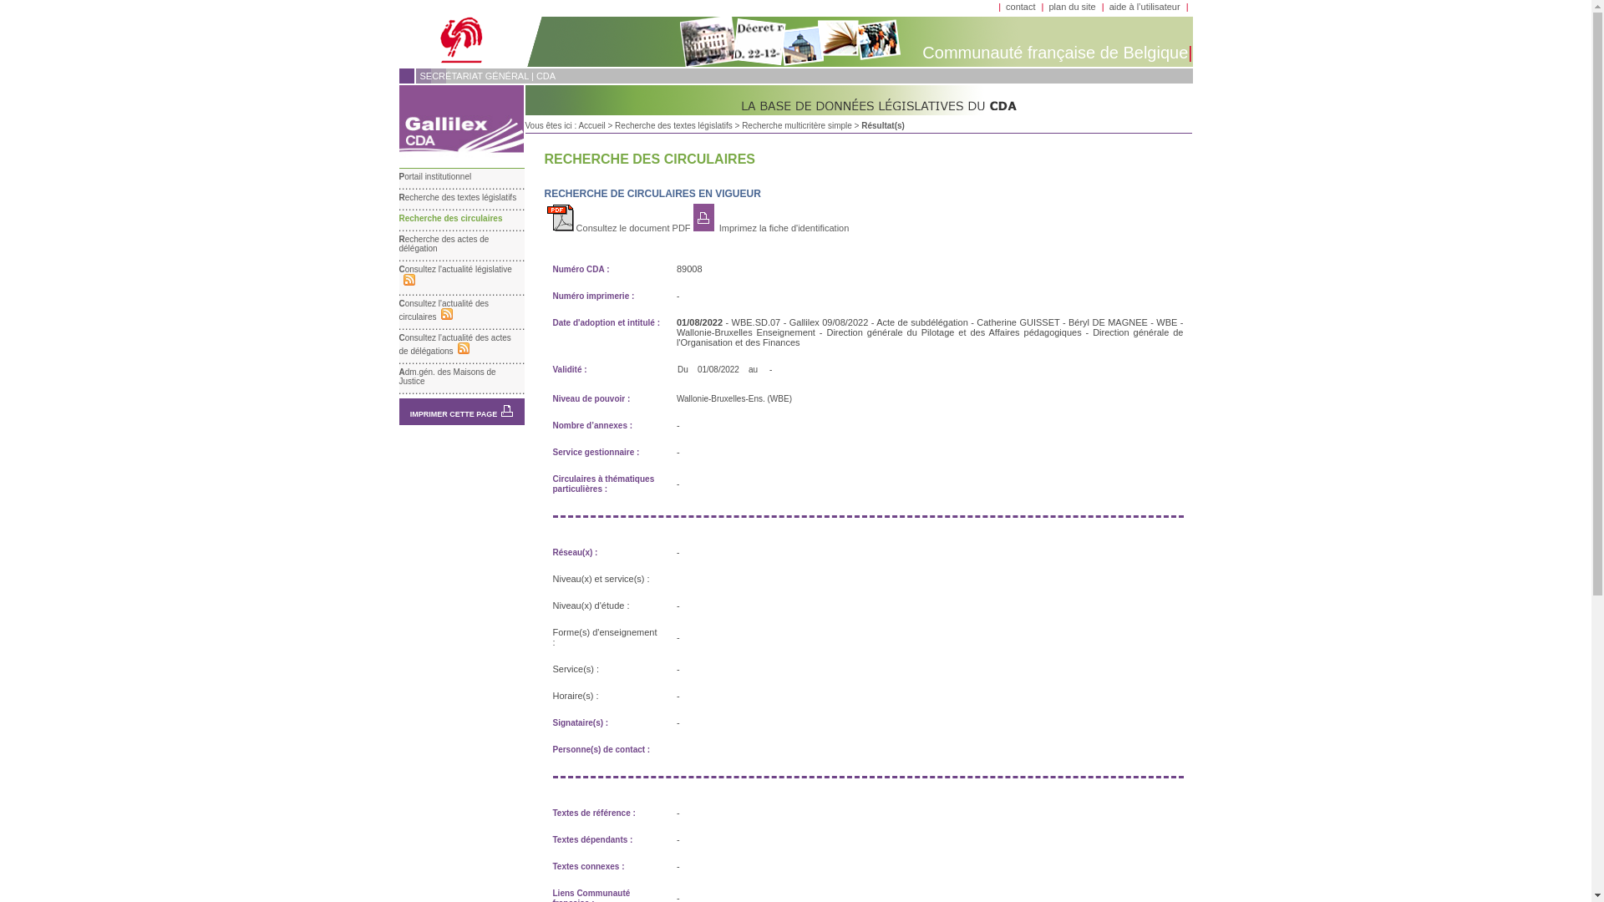 The width and height of the screenshot is (1604, 902). What do you see at coordinates (453, 413) in the screenshot?
I see `'IMPRIMER CETTE PAGE'` at bounding box center [453, 413].